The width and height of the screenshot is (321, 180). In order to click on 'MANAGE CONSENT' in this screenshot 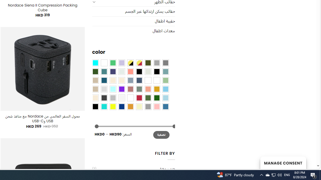, I will do `click(283, 162)`.